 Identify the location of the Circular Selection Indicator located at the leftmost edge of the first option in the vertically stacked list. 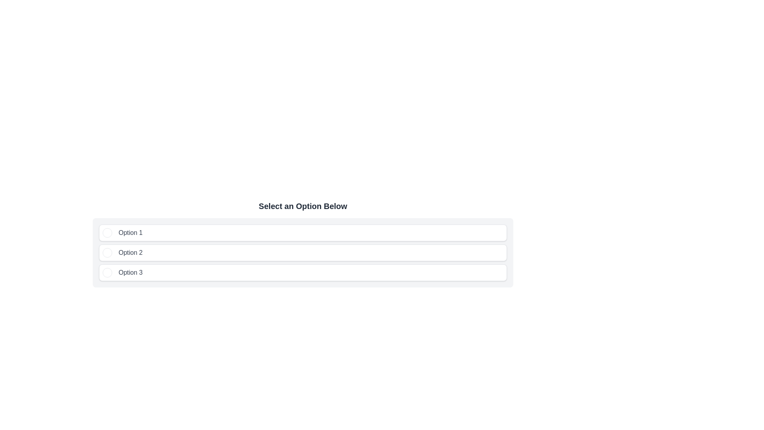
(107, 233).